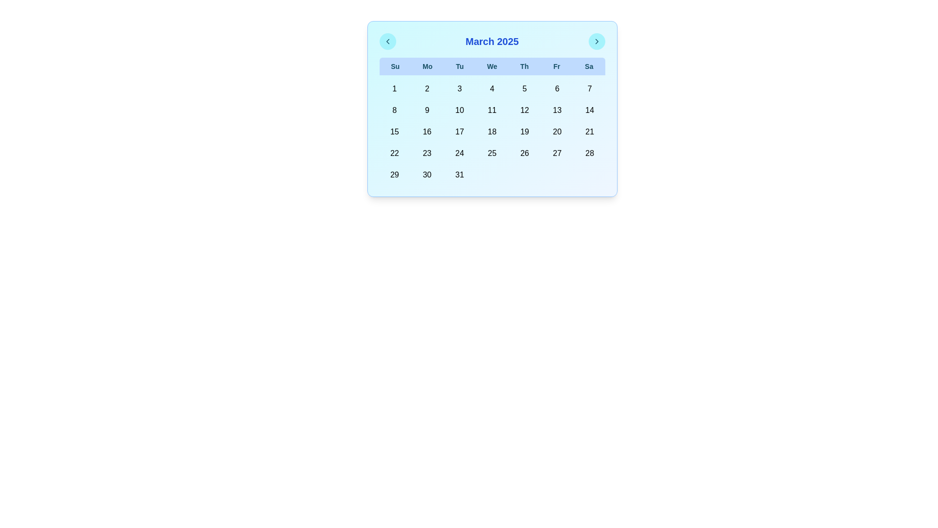 This screenshot has height=528, width=938. I want to click on the left-pointing chevron icon button located at the top-left corner of the calendar component to observe the background color change, so click(387, 41).